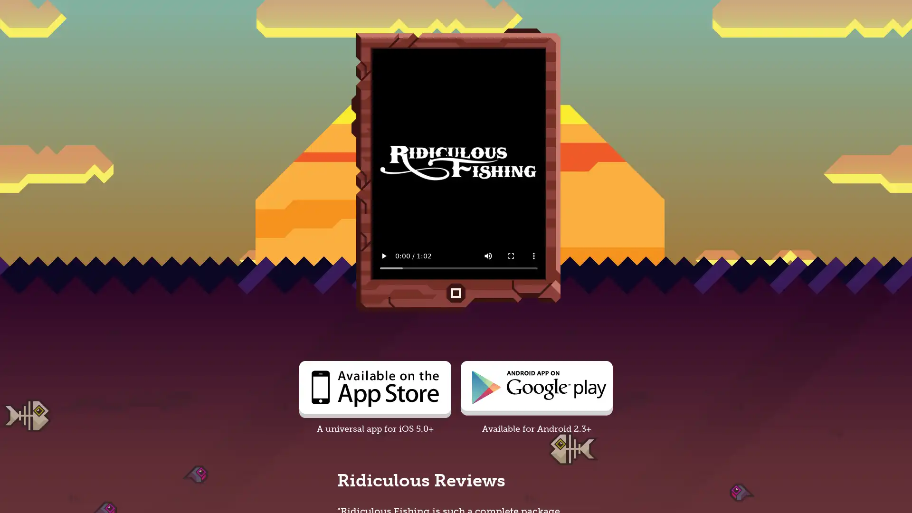 The width and height of the screenshot is (912, 513). Describe the element at coordinates (510, 256) in the screenshot. I see `enter full screen` at that location.